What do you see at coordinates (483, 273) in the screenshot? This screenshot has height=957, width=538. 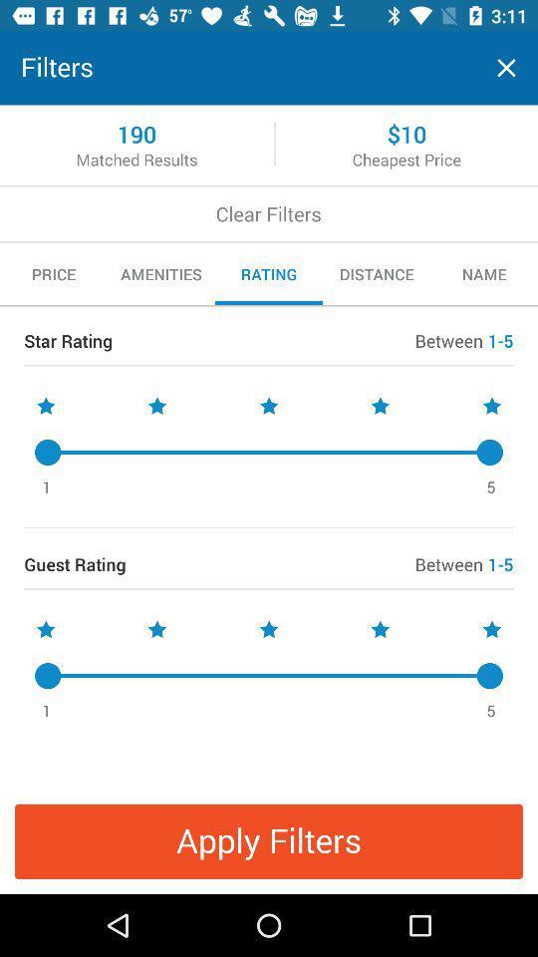 I see `the icon next to distance item` at bounding box center [483, 273].